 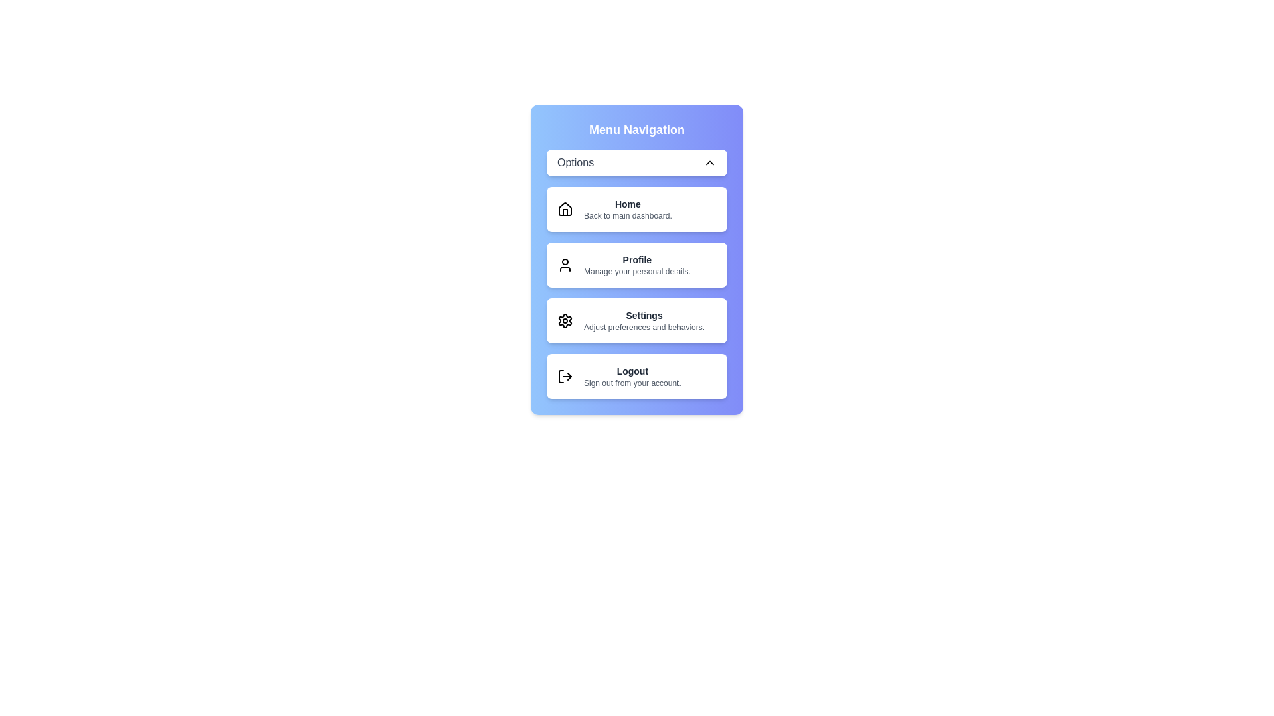 What do you see at coordinates (565, 209) in the screenshot?
I see `the icon corresponding to the menu item Home` at bounding box center [565, 209].